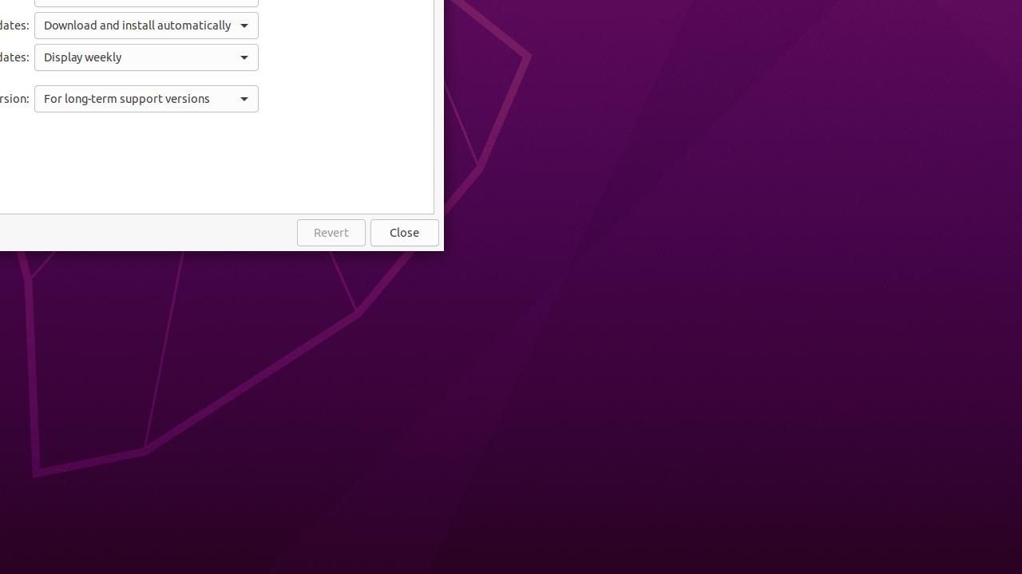 This screenshot has height=574, width=1022. What do you see at coordinates (146, 98) in the screenshot?
I see `'For long-term support versions'` at bounding box center [146, 98].